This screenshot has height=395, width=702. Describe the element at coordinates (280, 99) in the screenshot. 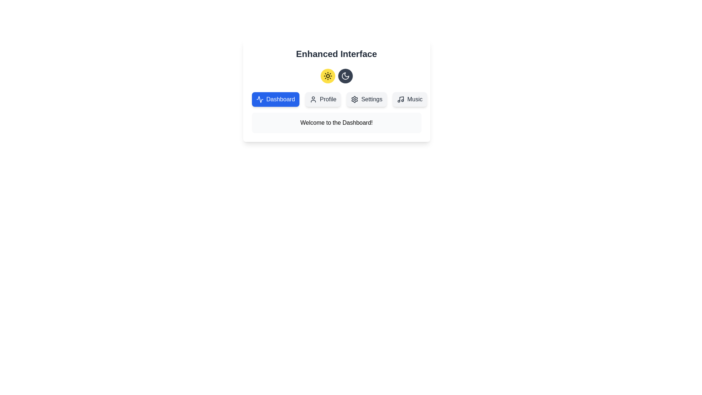

I see `the navigation label for the Dashboard section, located in the top-left of the navigation bar` at that location.